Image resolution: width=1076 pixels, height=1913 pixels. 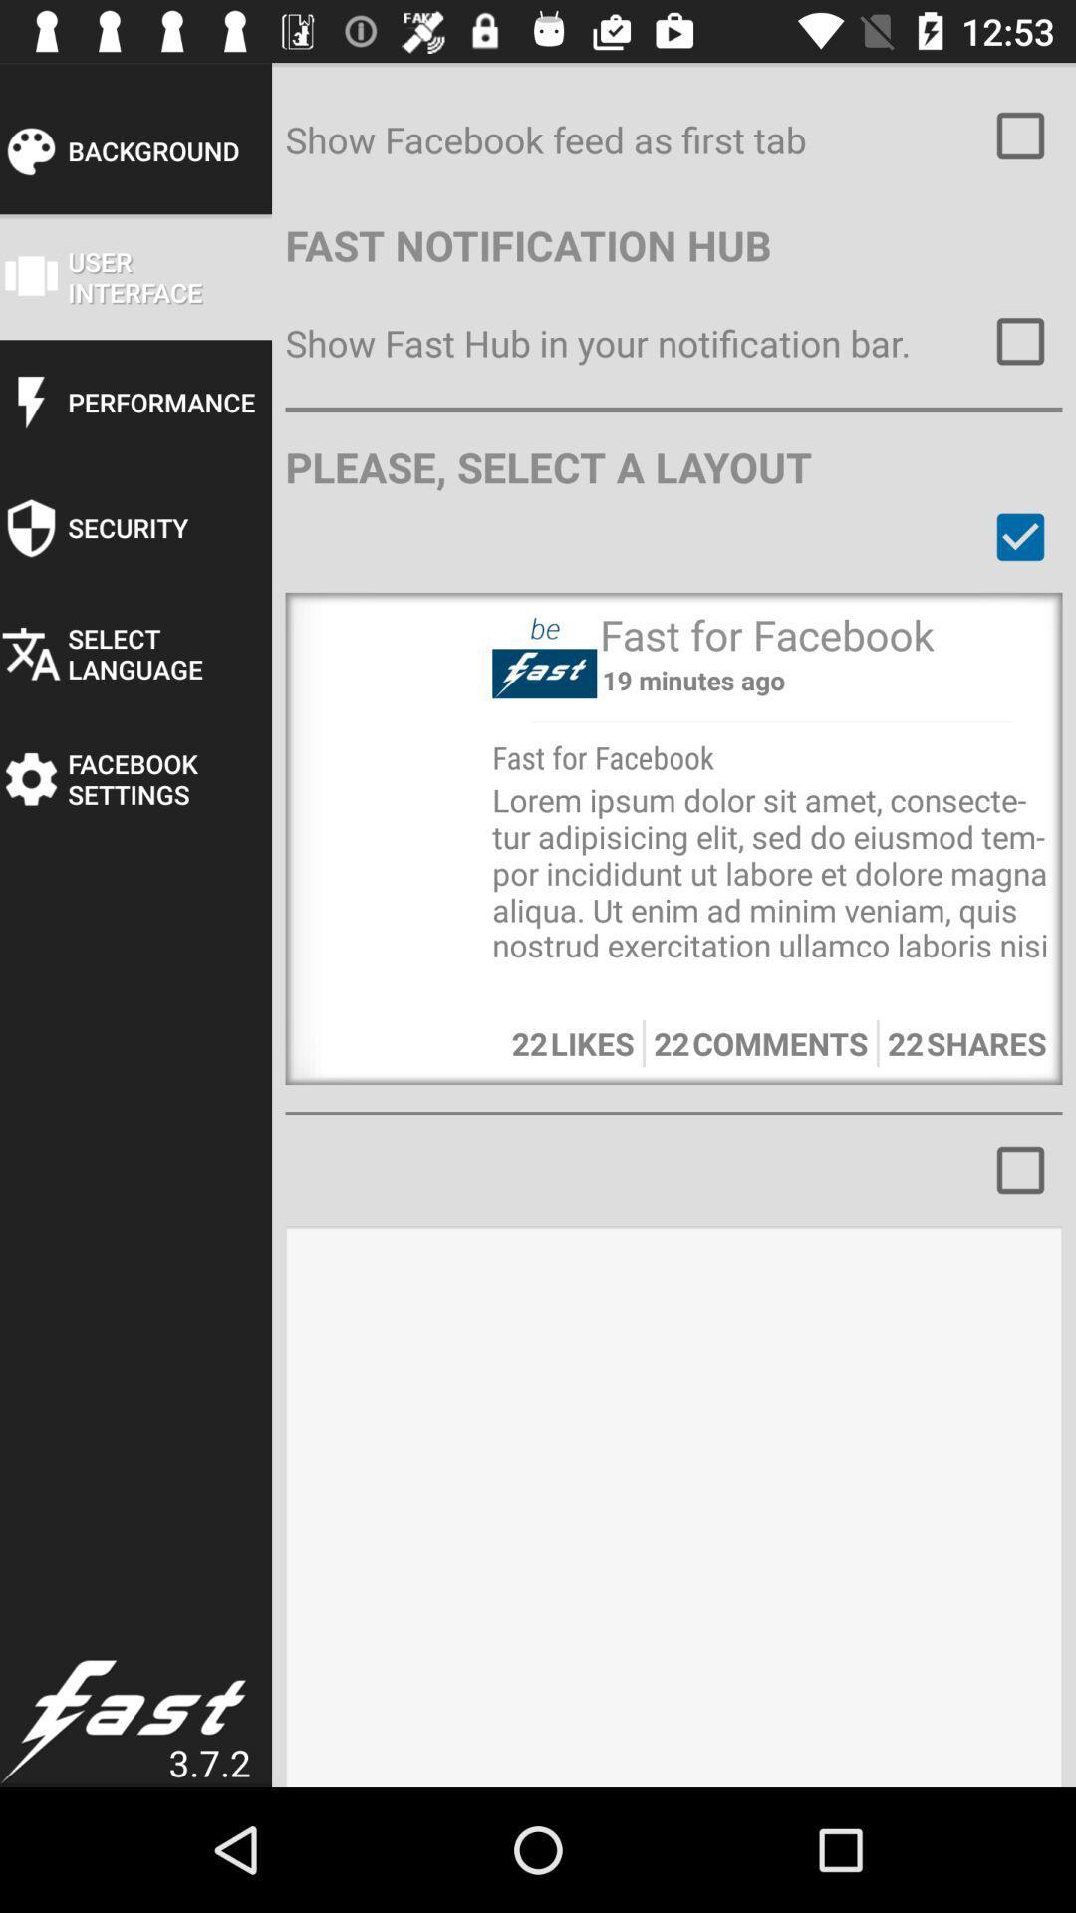 I want to click on checkbox which is on right side of show fast hub in your notification bar, so click(x=1021, y=341).